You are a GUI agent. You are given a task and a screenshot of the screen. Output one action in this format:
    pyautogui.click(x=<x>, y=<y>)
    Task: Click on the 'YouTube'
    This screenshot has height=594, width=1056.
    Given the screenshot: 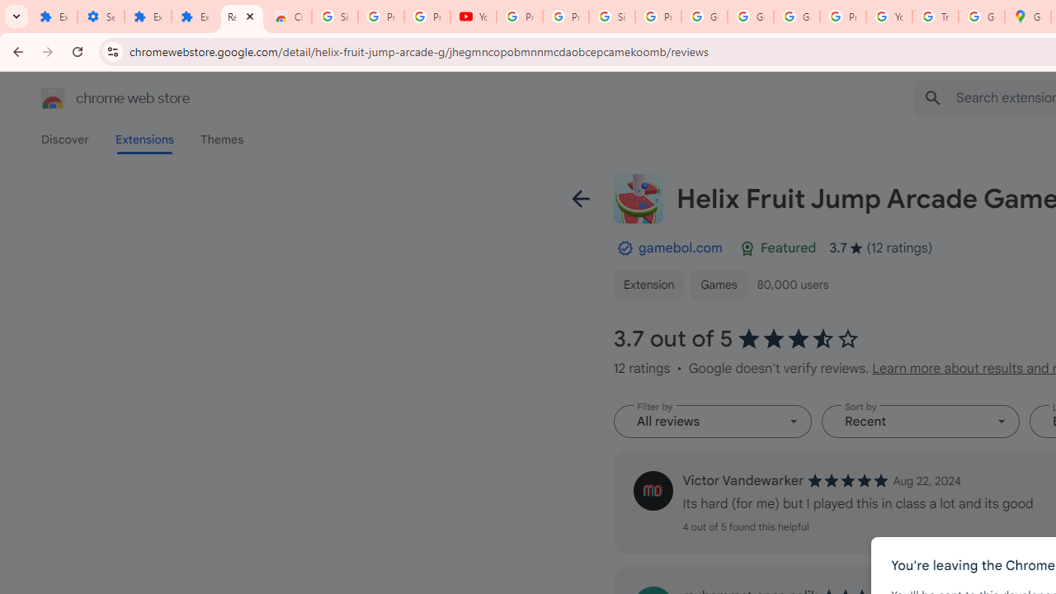 What is the action you would take?
    pyautogui.click(x=473, y=16)
    